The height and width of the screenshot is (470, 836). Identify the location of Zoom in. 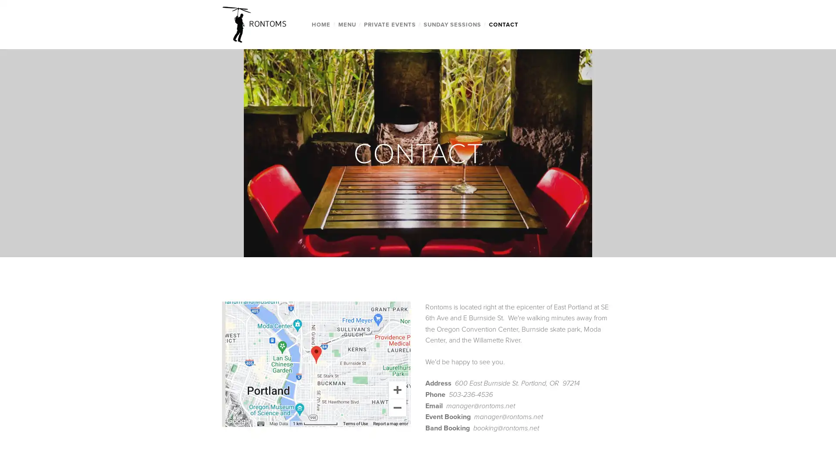
(397, 389).